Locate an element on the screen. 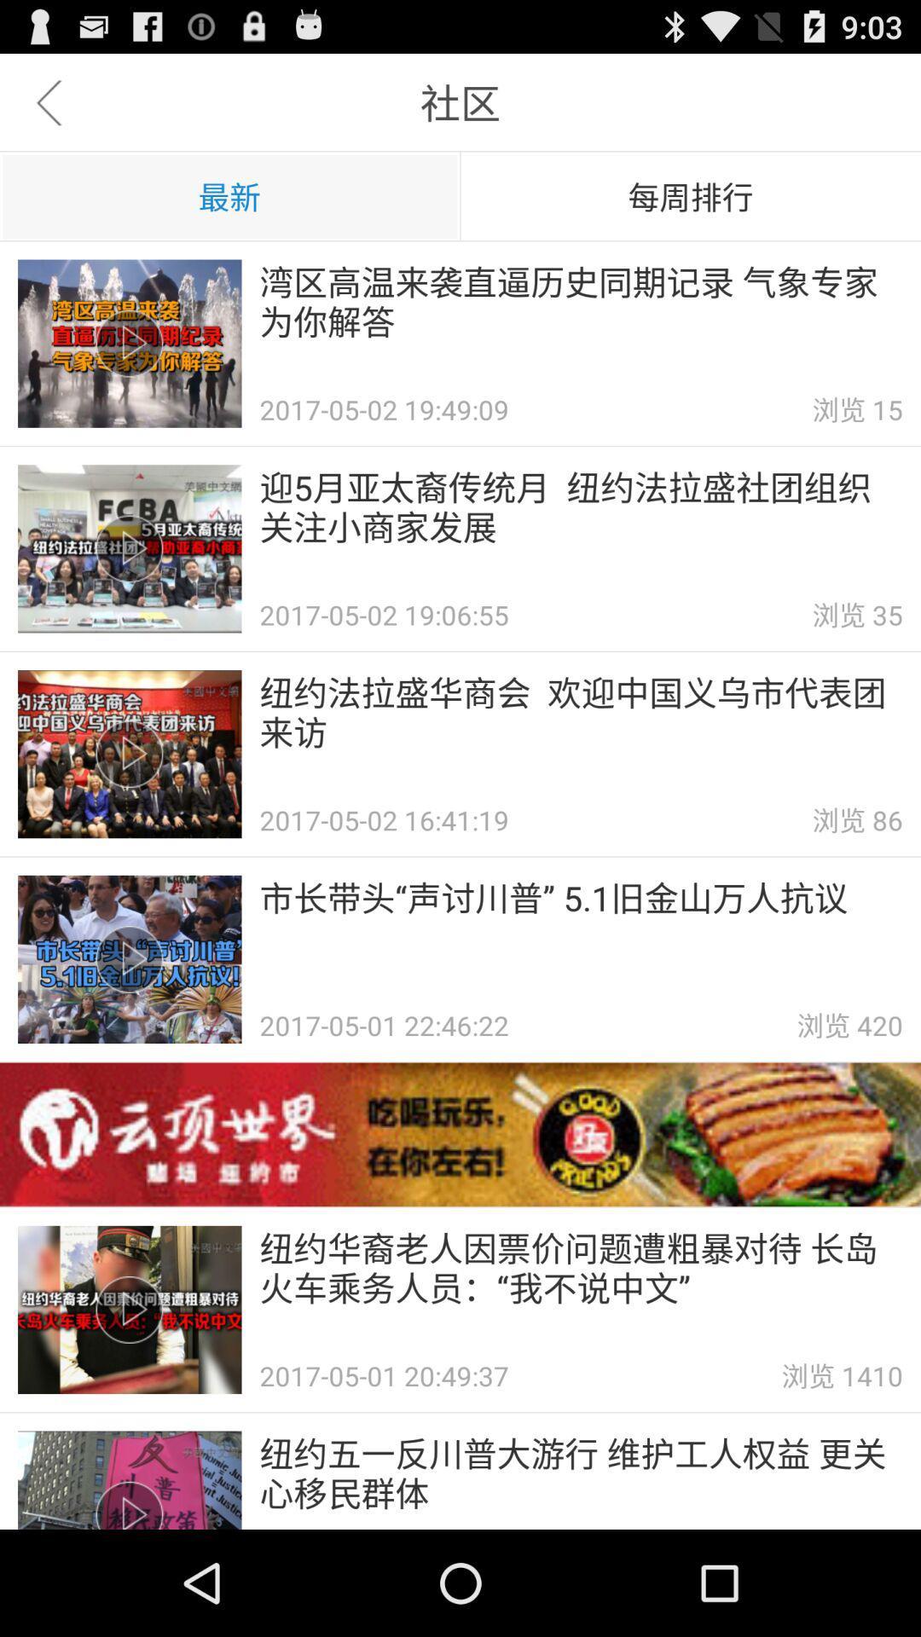 The width and height of the screenshot is (921, 1637). the arrow_backward icon is located at coordinates (48, 109).